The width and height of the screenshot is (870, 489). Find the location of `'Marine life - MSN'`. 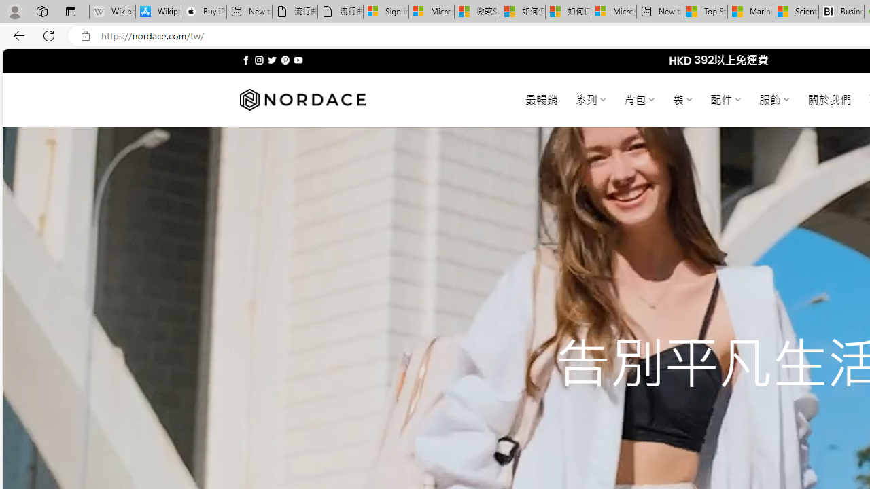

'Marine life - MSN' is located at coordinates (750, 12).